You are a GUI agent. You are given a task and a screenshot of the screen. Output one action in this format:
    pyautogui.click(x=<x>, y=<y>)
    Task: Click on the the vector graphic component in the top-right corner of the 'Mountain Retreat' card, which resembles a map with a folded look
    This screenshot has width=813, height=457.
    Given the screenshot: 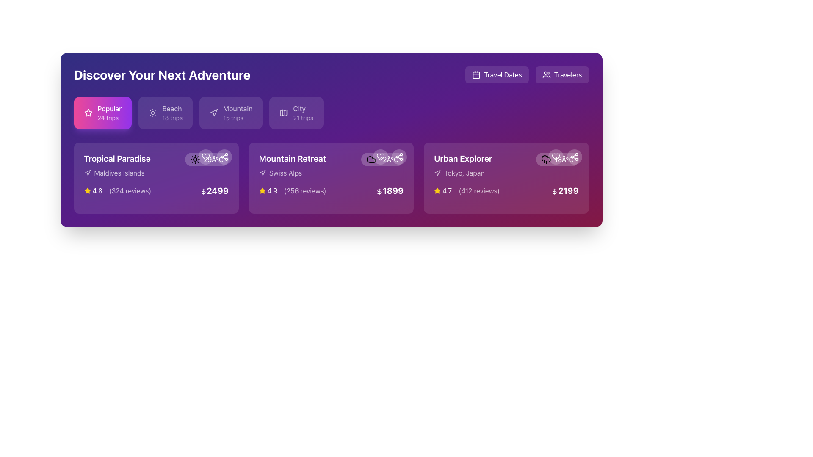 What is the action you would take?
    pyautogui.click(x=284, y=112)
    